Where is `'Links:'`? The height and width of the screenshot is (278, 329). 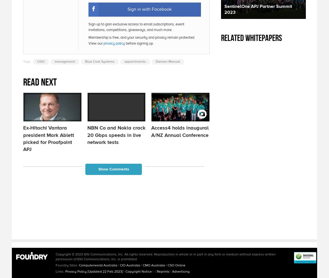
'Links:' is located at coordinates (60, 271).